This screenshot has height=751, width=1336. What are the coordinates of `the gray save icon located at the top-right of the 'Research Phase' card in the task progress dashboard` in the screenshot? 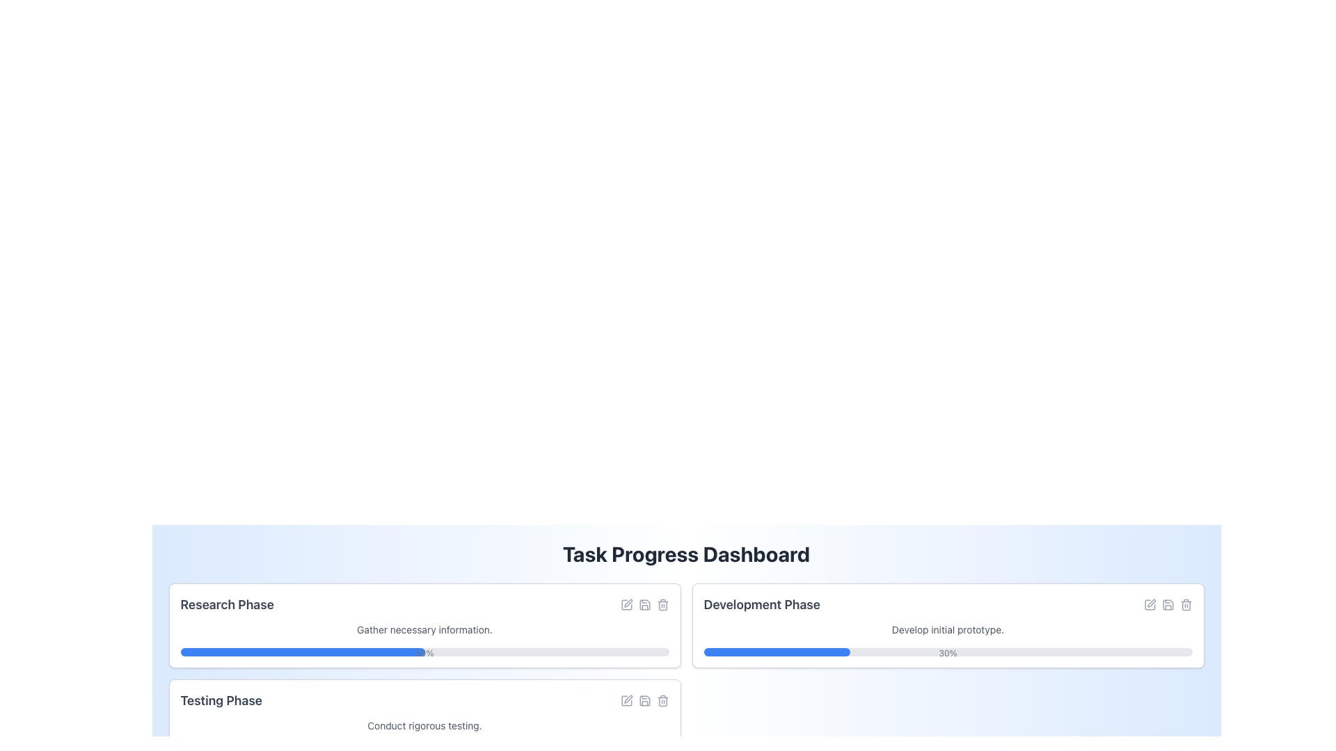 It's located at (644, 604).